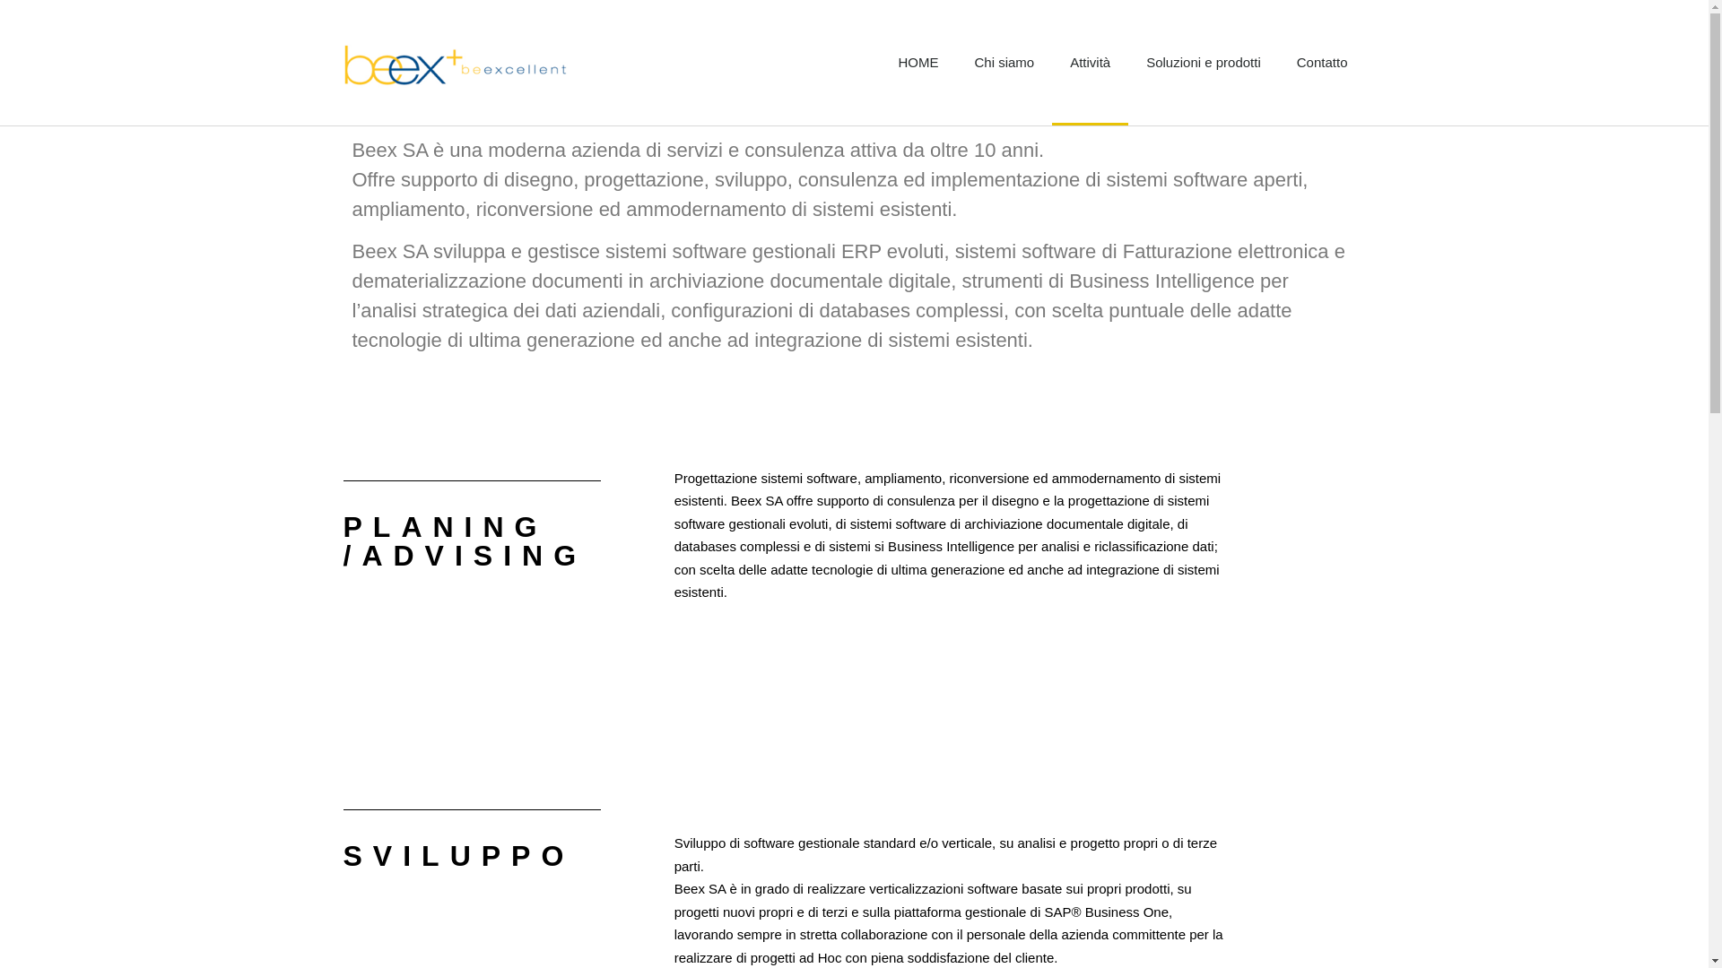 The image size is (1722, 968). What do you see at coordinates (1003, 61) in the screenshot?
I see `'Chi siamo'` at bounding box center [1003, 61].